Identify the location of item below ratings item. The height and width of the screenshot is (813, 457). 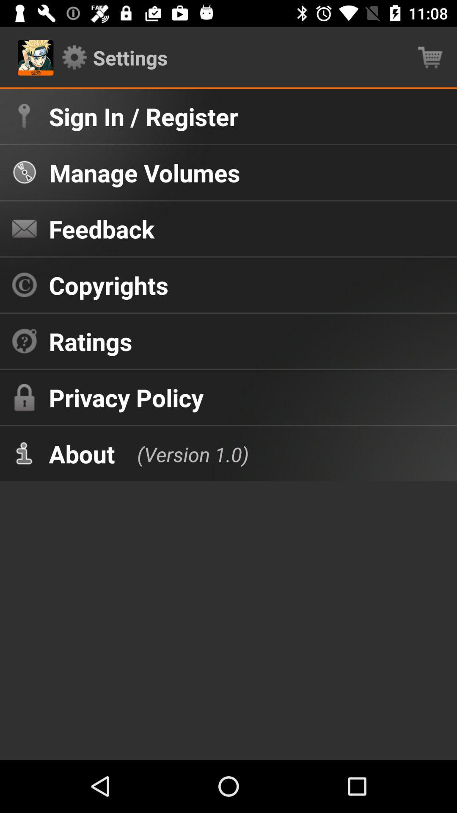
(126, 397).